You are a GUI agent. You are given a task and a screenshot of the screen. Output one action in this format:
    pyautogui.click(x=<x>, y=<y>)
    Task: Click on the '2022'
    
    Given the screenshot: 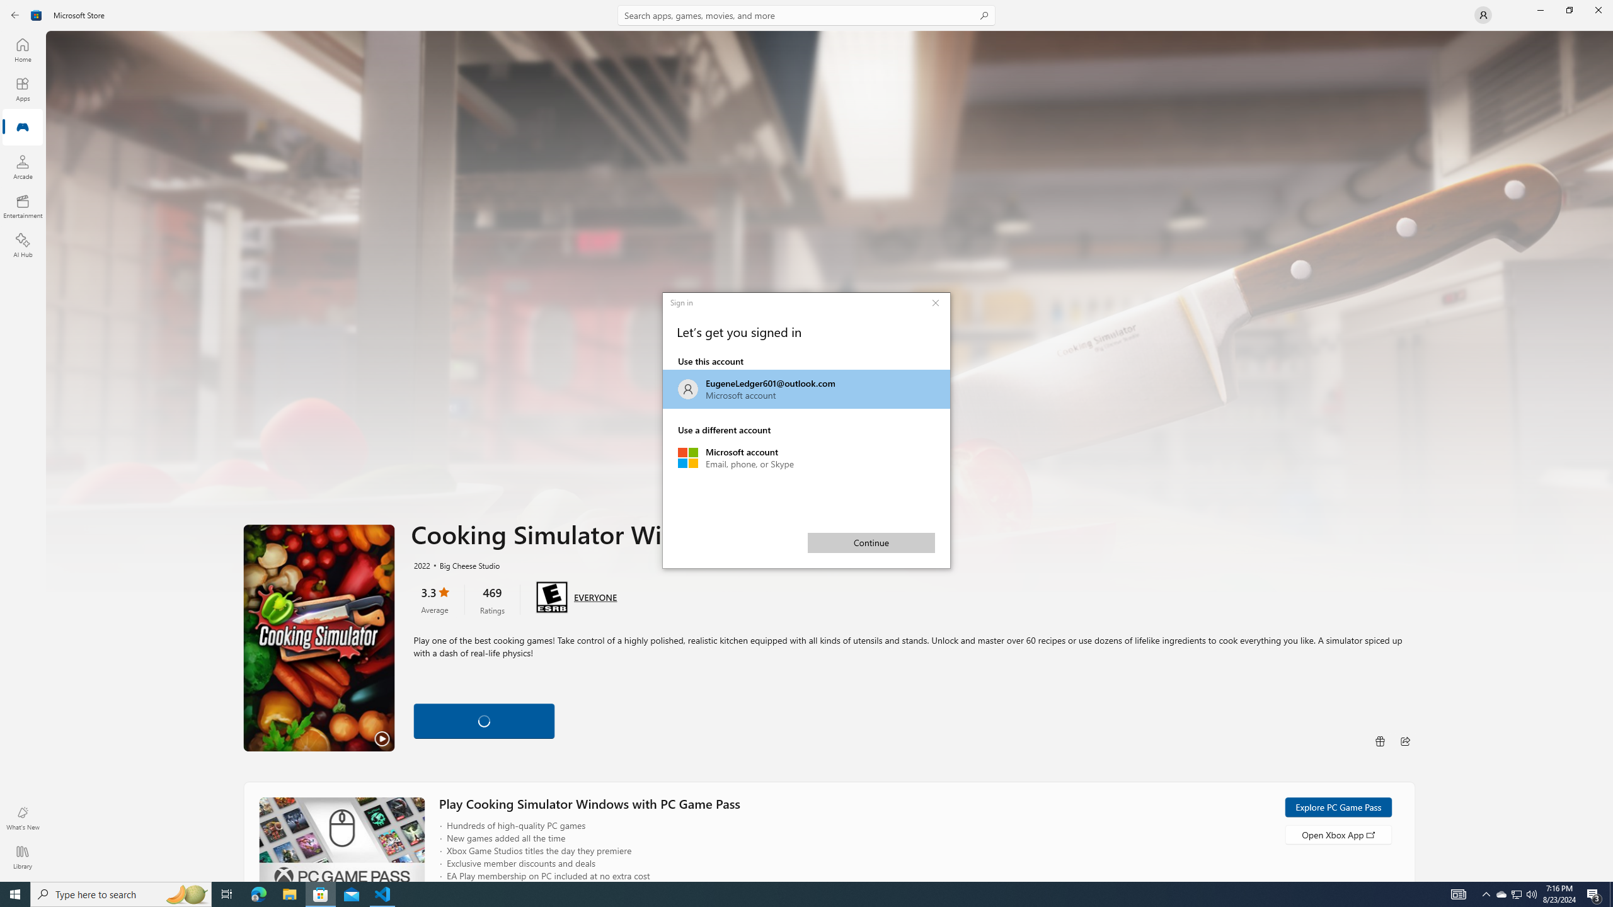 What is the action you would take?
    pyautogui.click(x=421, y=564)
    